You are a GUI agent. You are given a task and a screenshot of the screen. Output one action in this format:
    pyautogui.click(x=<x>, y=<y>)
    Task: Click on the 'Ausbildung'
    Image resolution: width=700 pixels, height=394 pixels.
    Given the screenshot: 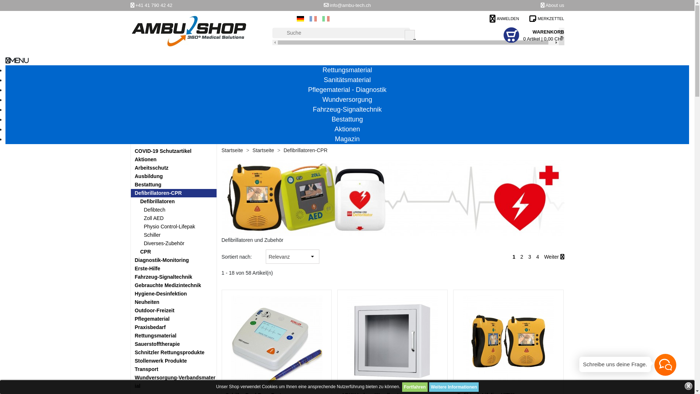 What is the action you would take?
    pyautogui.click(x=173, y=176)
    